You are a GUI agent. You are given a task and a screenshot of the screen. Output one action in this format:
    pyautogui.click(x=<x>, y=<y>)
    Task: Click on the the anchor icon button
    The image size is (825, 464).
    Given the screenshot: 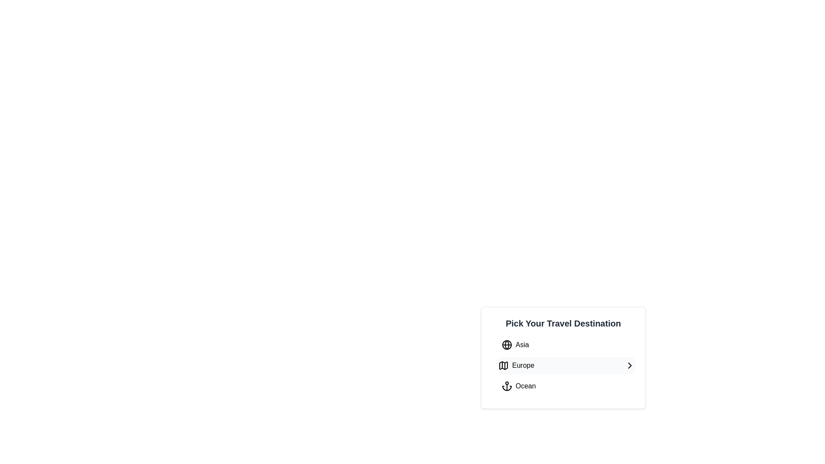 What is the action you would take?
    pyautogui.click(x=507, y=385)
    